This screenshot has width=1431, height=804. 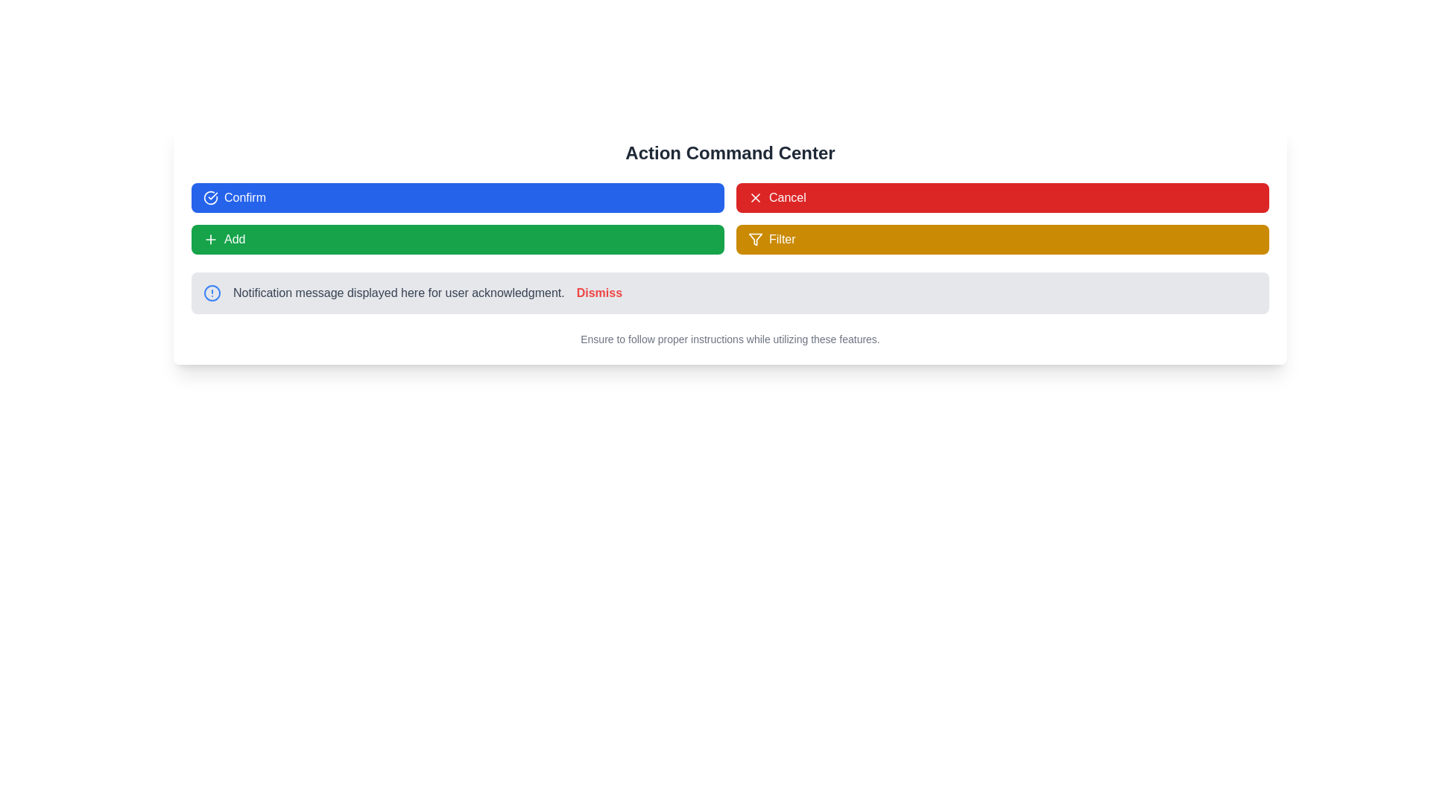 What do you see at coordinates (399, 293) in the screenshot?
I see `the static text element displaying a notification message, which is located within a gray notification bar between an icon and a 'Dismiss' button` at bounding box center [399, 293].